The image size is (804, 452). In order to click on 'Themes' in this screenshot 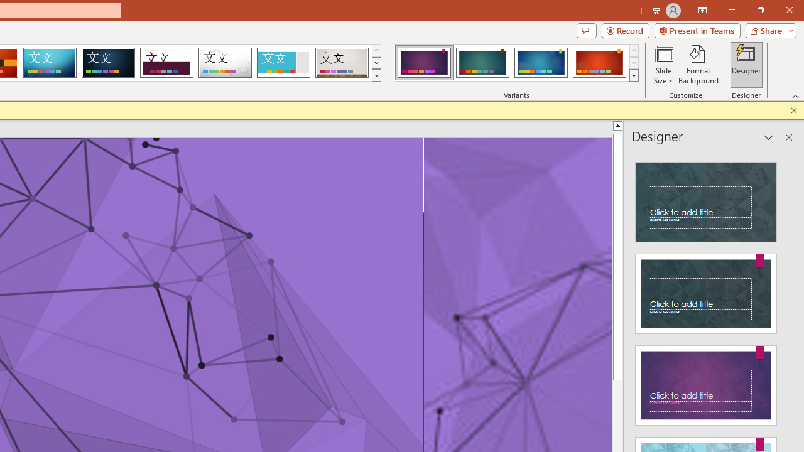, I will do `click(376, 75)`.